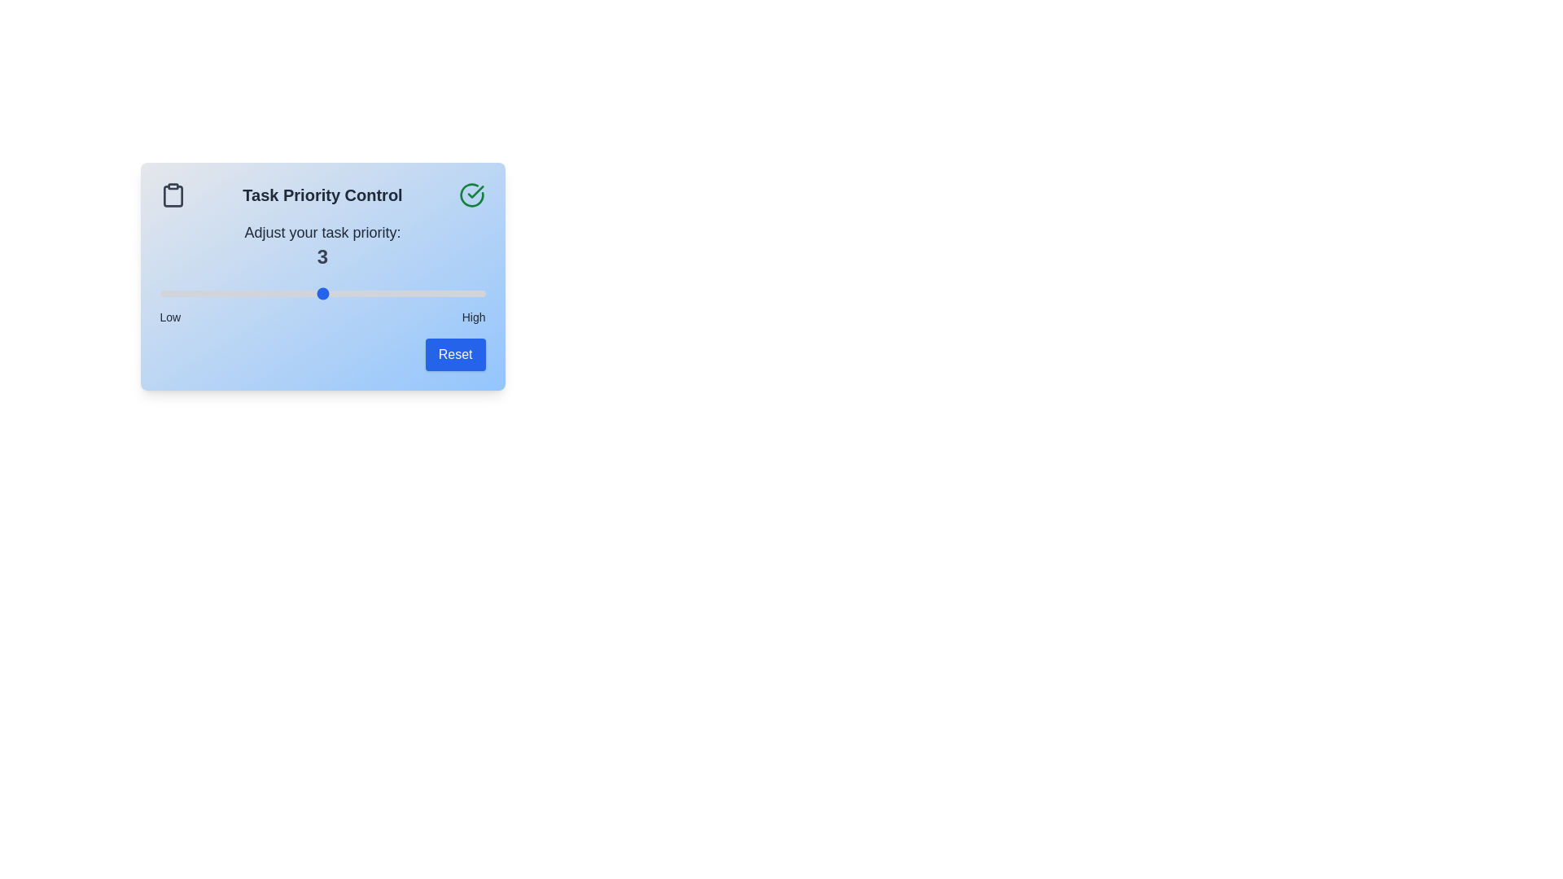 This screenshot has width=1563, height=879. I want to click on the priority slider to 4 within the range of 1 to 5, so click(404, 294).